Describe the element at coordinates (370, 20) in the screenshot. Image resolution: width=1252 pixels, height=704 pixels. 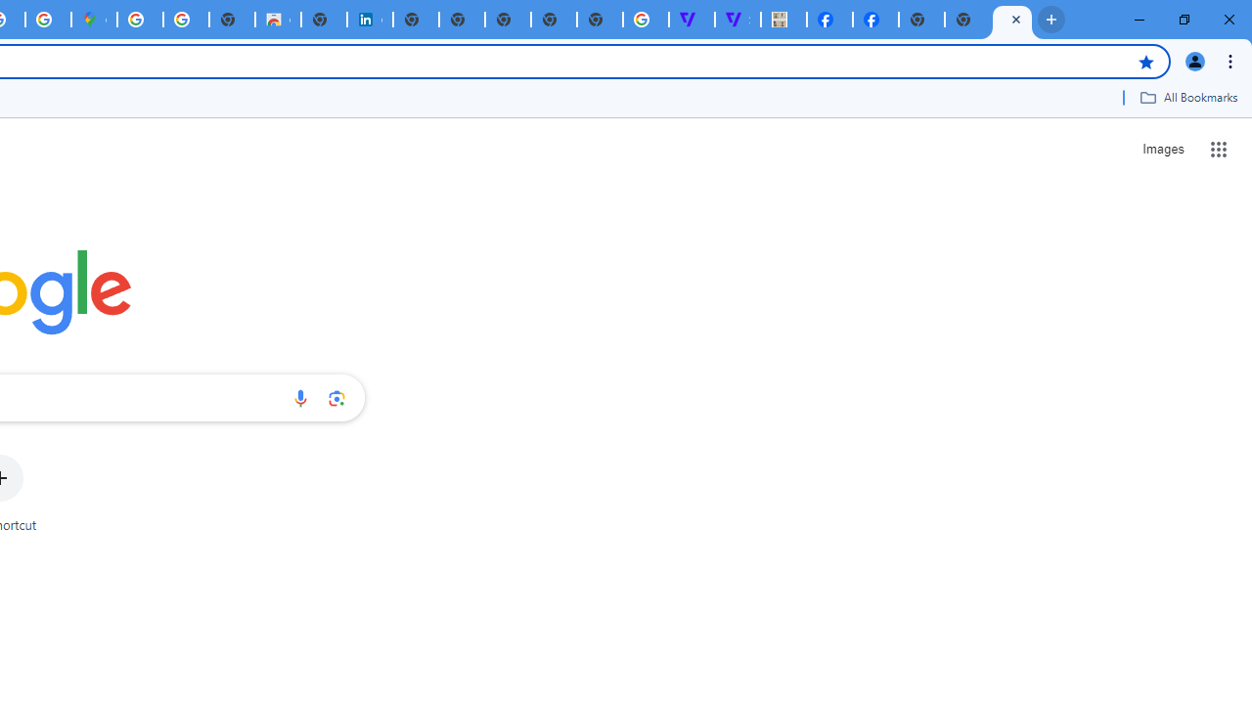
I see `'Cookie Policy | LinkedIn'` at that location.